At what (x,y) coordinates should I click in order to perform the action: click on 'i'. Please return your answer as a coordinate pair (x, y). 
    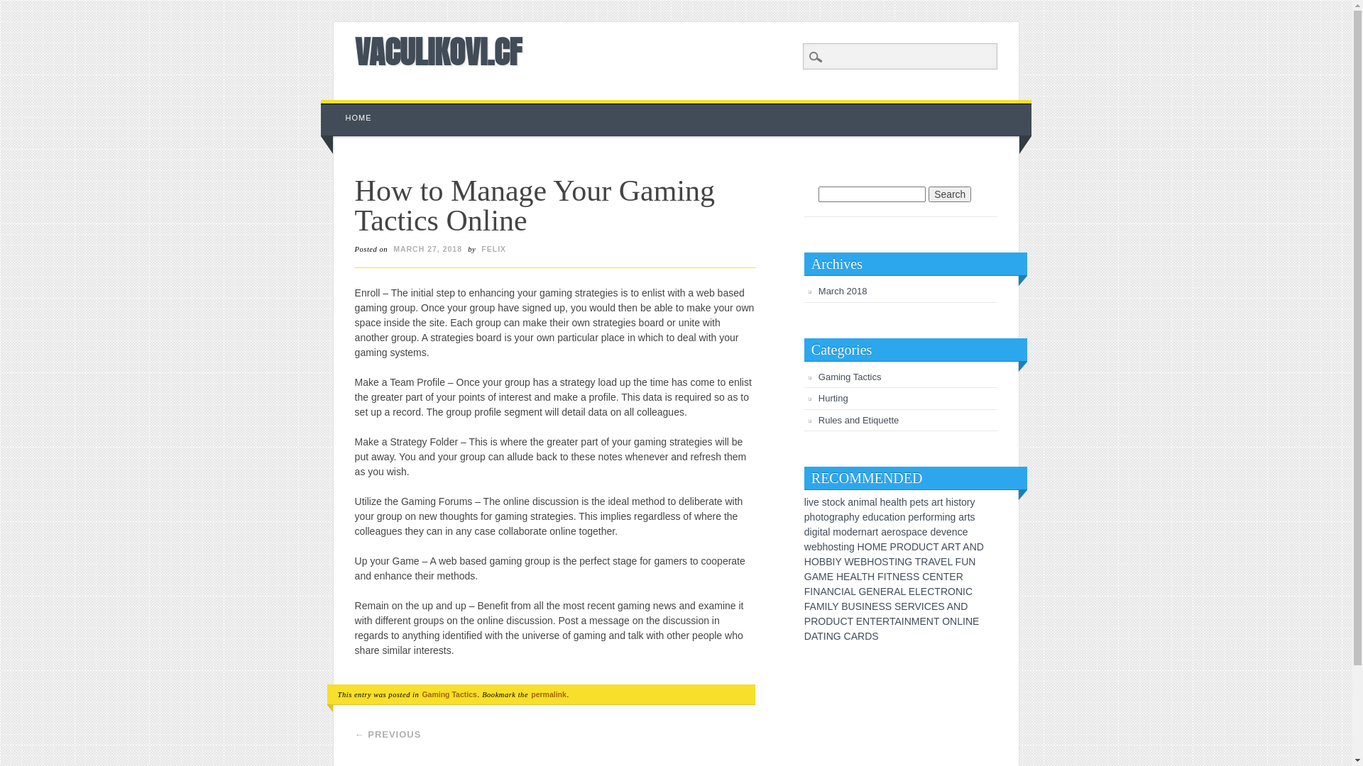
    Looking at the image, I should click on (943, 517).